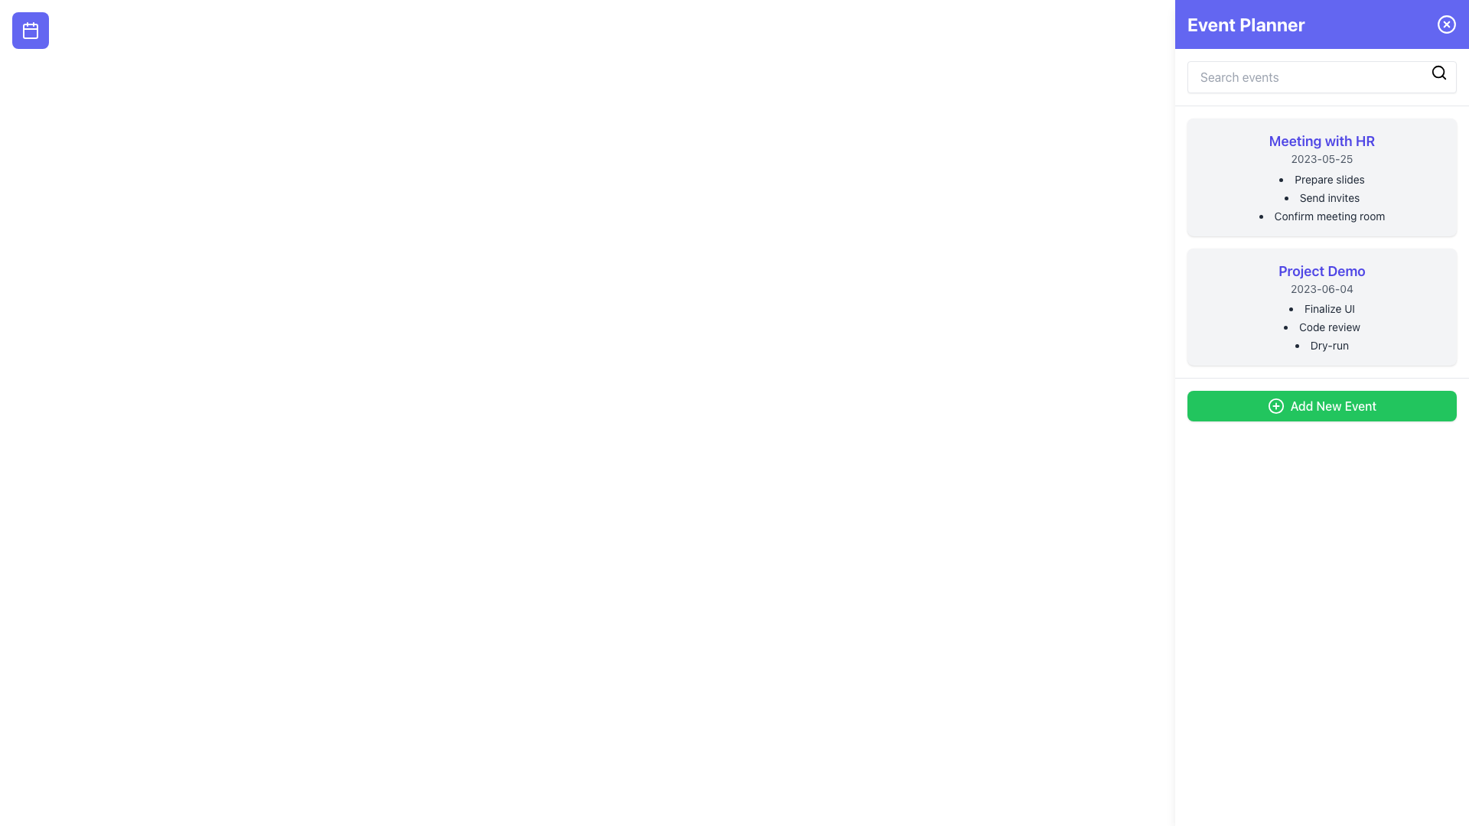  Describe the element at coordinates (1321, 309) in the screenshot. I see `the informational text label specifying a task under the 'Project Demo' heading, located at the top of the list with the date '2023-06-04'` at that location.